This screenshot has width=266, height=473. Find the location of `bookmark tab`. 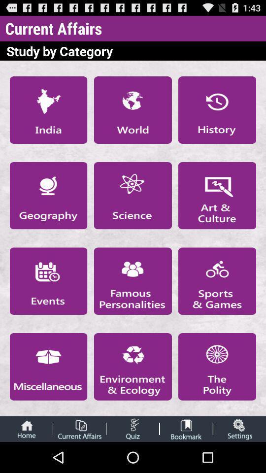

bookmark tab is located at coordinates (186, 428).